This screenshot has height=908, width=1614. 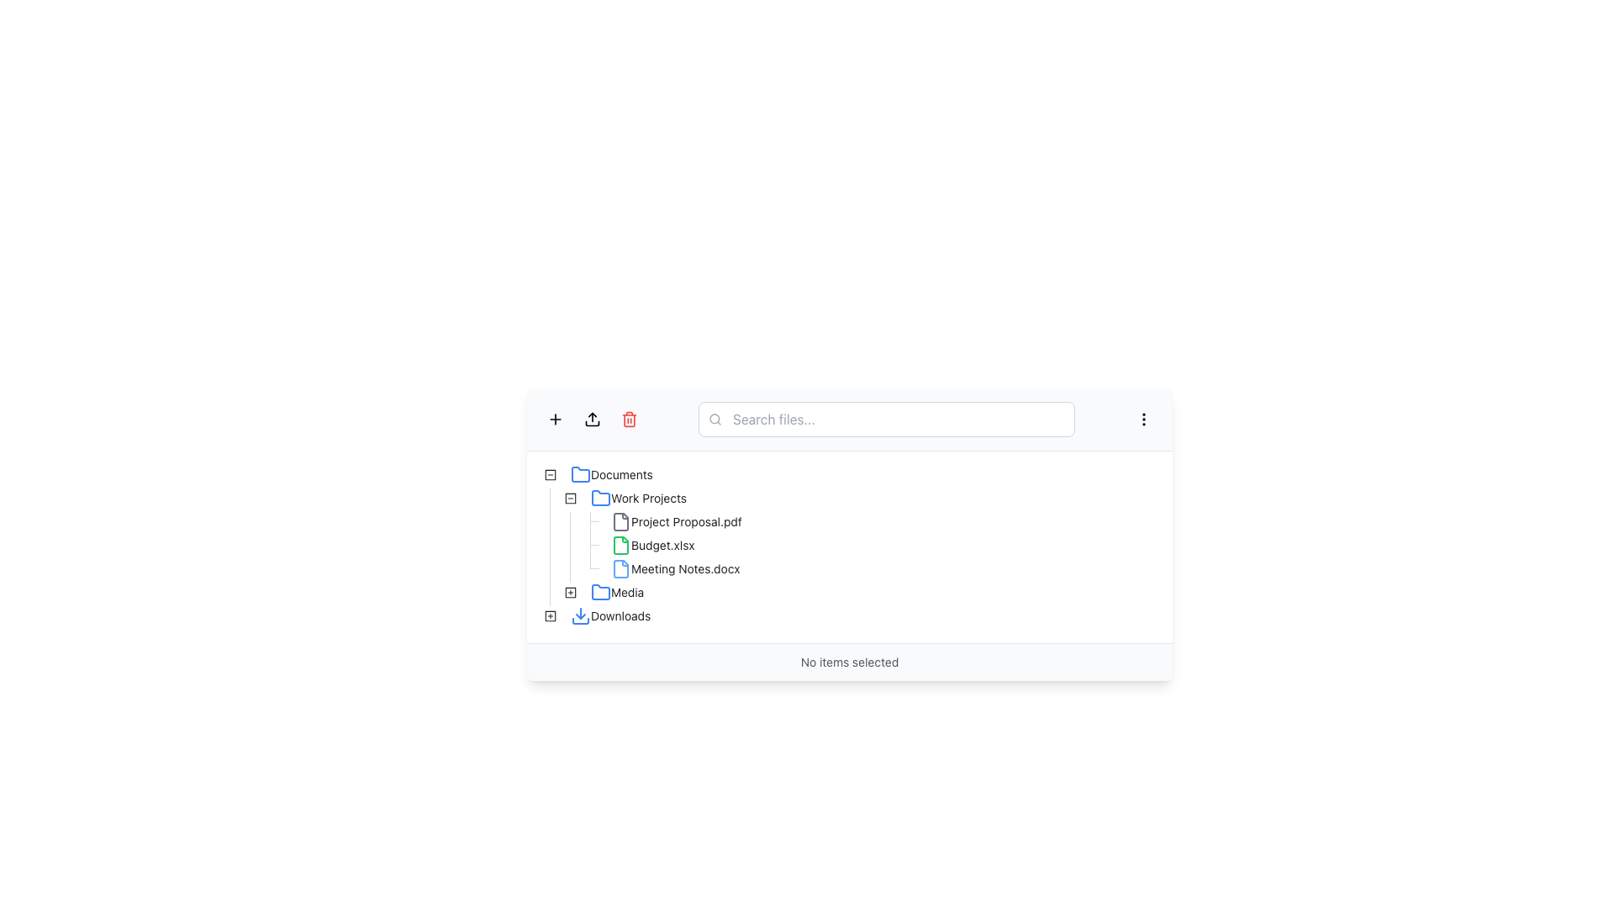 What do you see at coordinates (675, 568) in the screenshot?
I see `the text label 'Meeting Notes.docx' with an adjacent file icon in the tree view structure located under 'Work Projects'` at bounding box center [675, 568].